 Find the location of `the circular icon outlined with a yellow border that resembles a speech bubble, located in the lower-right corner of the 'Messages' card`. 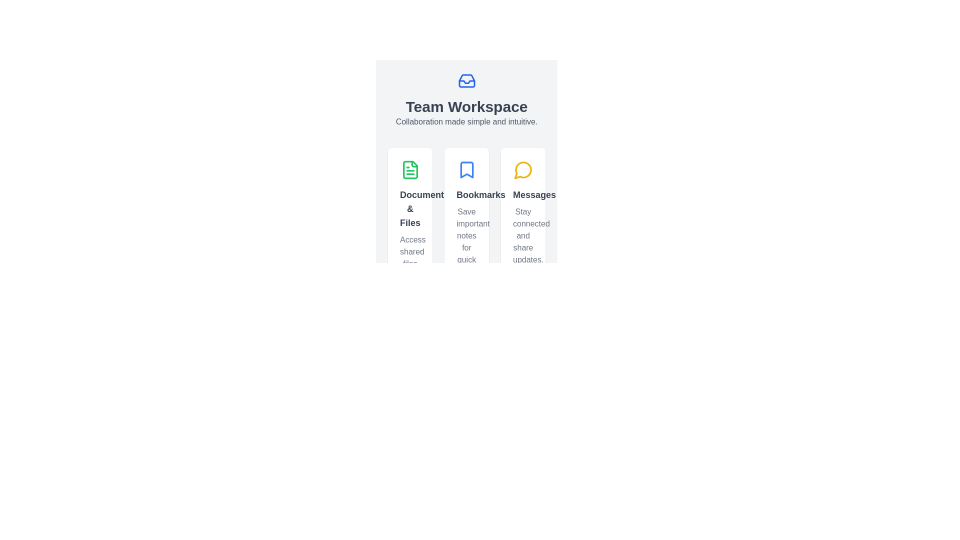

the circular icon outlined with a yellow border that resembles a speech bubble, located in the lower-right corner of the 'Messages' card is located at coordinates (522, 169).